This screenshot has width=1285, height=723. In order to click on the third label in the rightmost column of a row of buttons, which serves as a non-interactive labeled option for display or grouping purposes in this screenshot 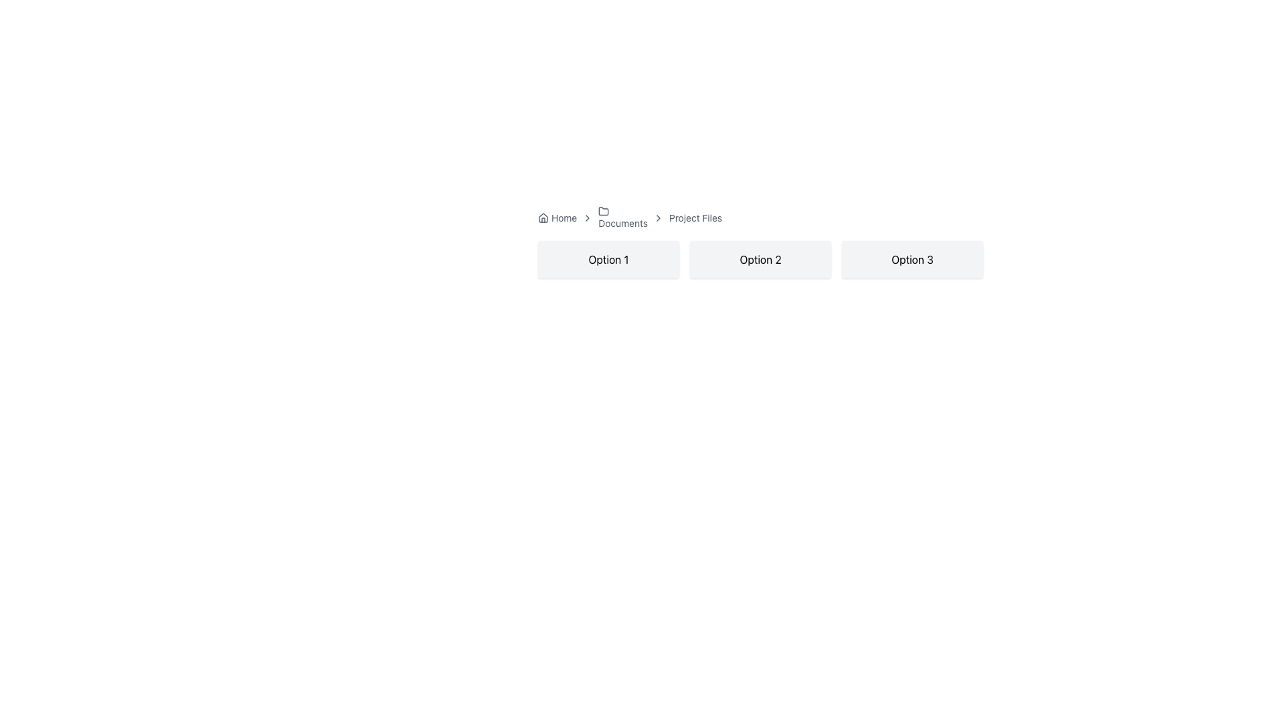, I will do `click(912, 260)`.